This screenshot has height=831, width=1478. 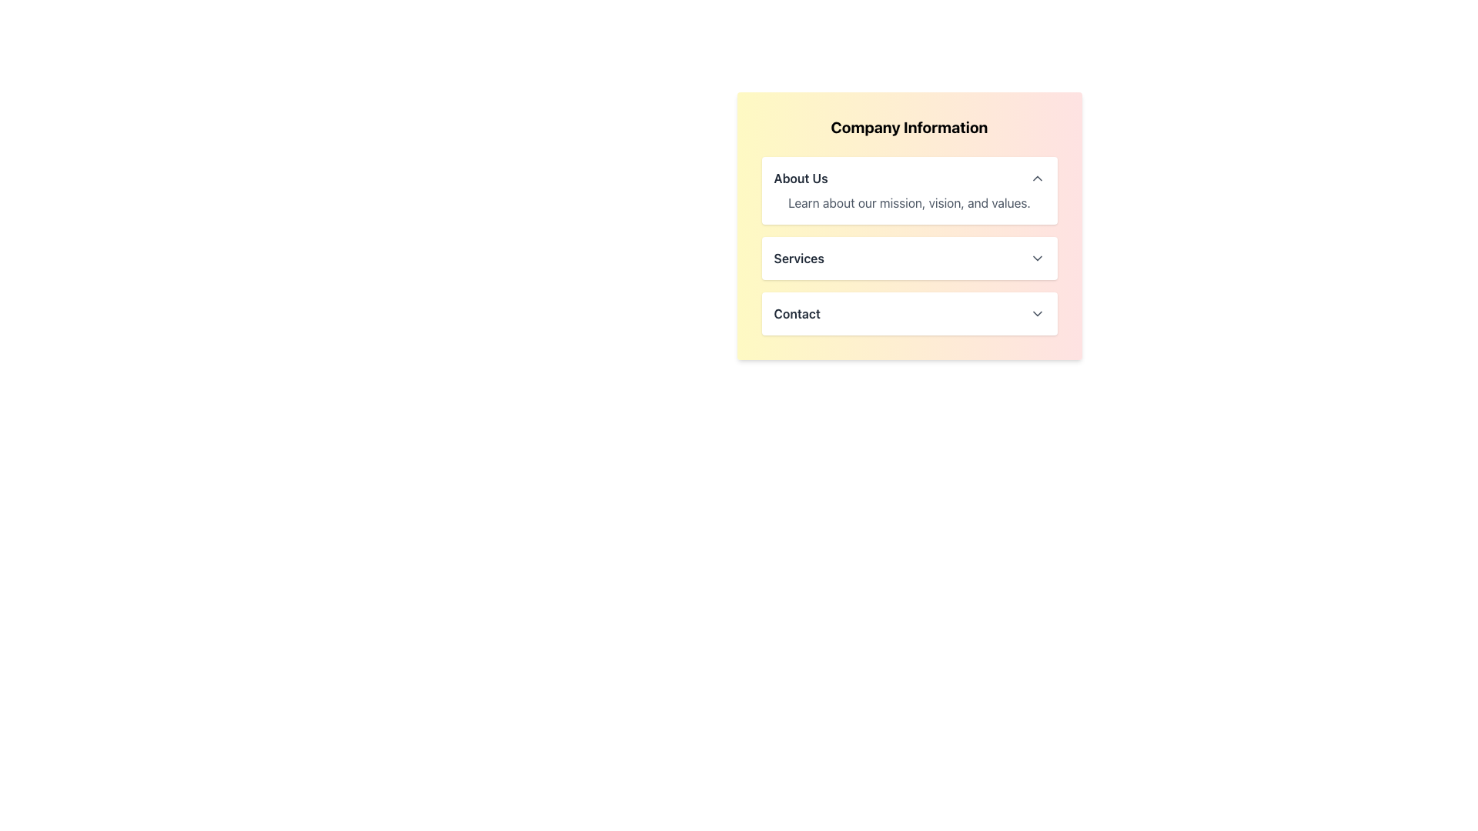 What do you see at coordinates (799, 257) in the screenshot?
I see `the 'Services' text label, which is styled in bold dark-gray font and located within the 'Company Information' section, between 'About Us' and 'Contact'` at bounding box center [799, 257].